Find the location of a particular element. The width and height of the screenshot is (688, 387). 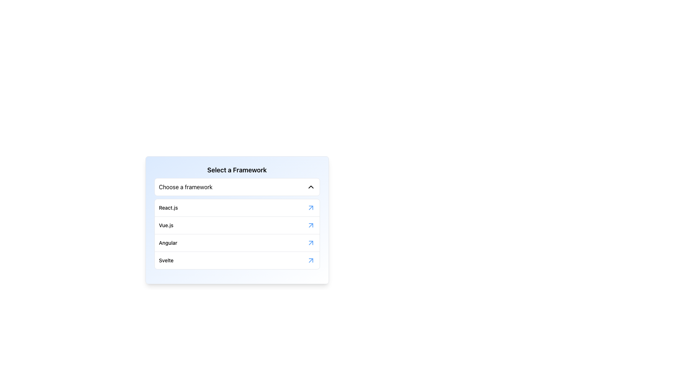

the highlighted option 'Vue.js' in the dropdown menu labeled 'Choose a framework' within the panel titled 'Select a Framework' is located at coordinates (237, 220).